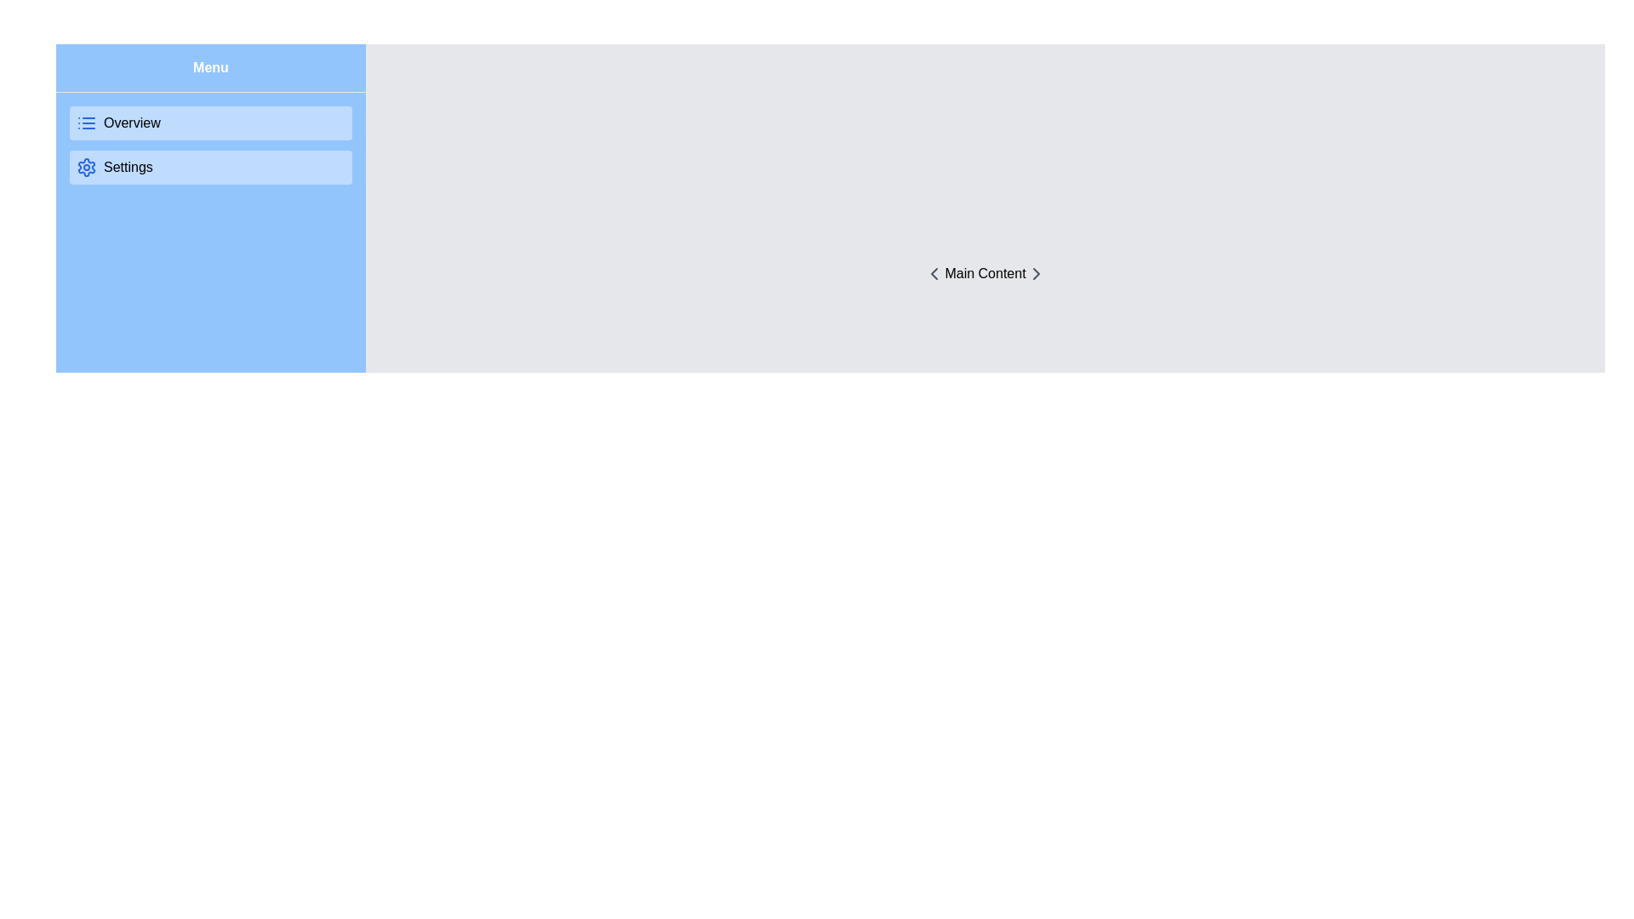 The width and height of the screenshot is (1634, 919). What do you see at coordinates (210, 67) in the screenshot?
I see `the 'Menu' text label, which is a rectangular section at the top of a vertical menu with a light blue background and bold white text` at bounding box center [210, 67].